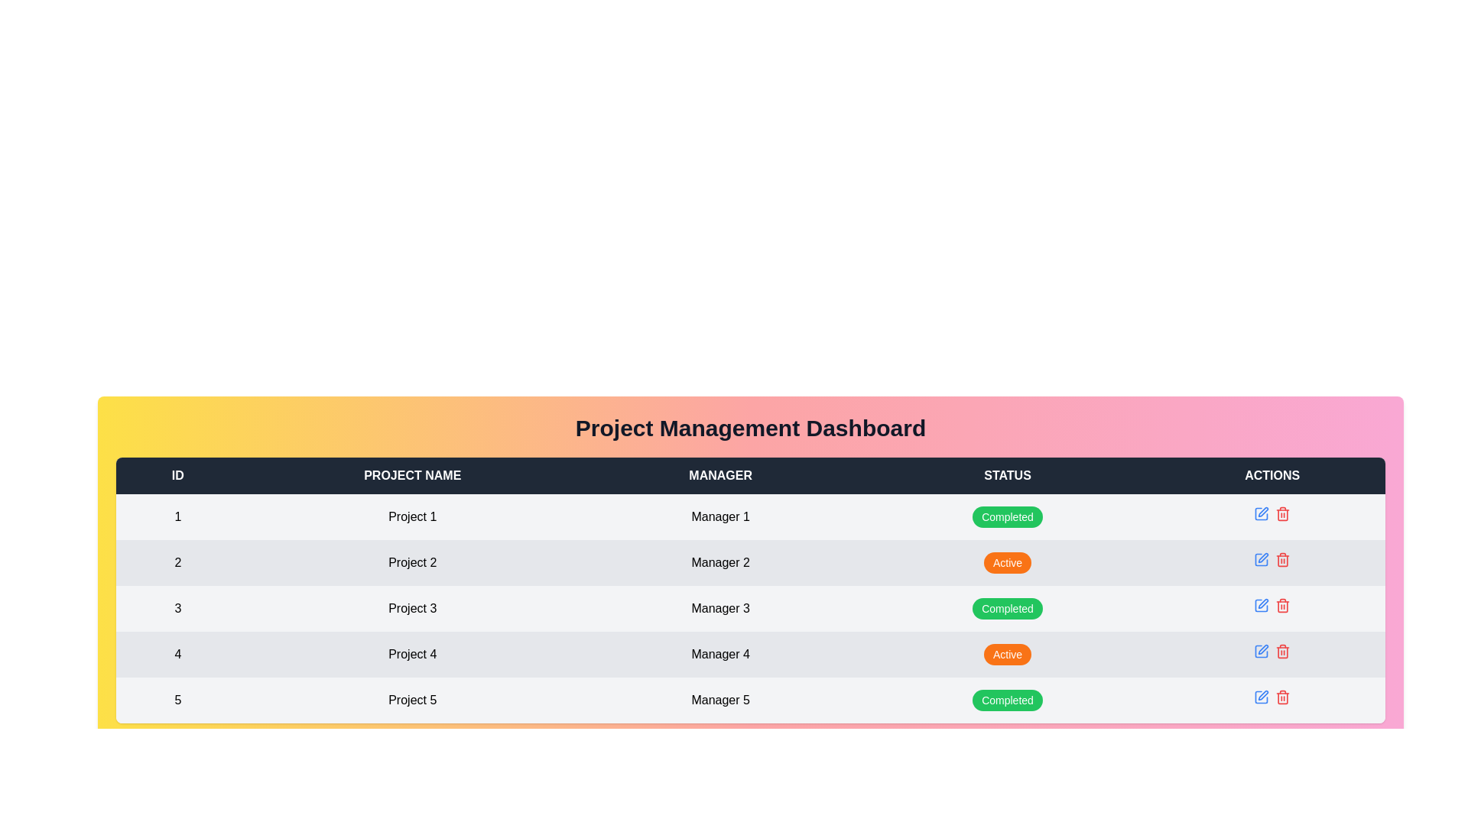 The image size is (1468, 825). What do you see at coordinates (1262, 697) in the screenshot?
I see `the edit icon located in the Actions column of the last row in the project table to initiate the edit action` at bounding box center [1262, 697].